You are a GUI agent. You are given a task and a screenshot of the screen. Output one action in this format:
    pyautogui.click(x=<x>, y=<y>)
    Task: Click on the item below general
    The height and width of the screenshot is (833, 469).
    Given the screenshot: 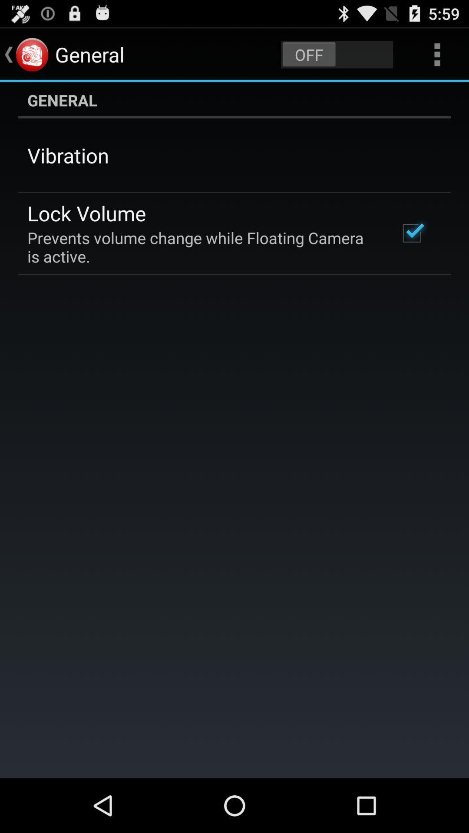 What is the action you would take?
    pyautogui.click(x=68, y=155)
    